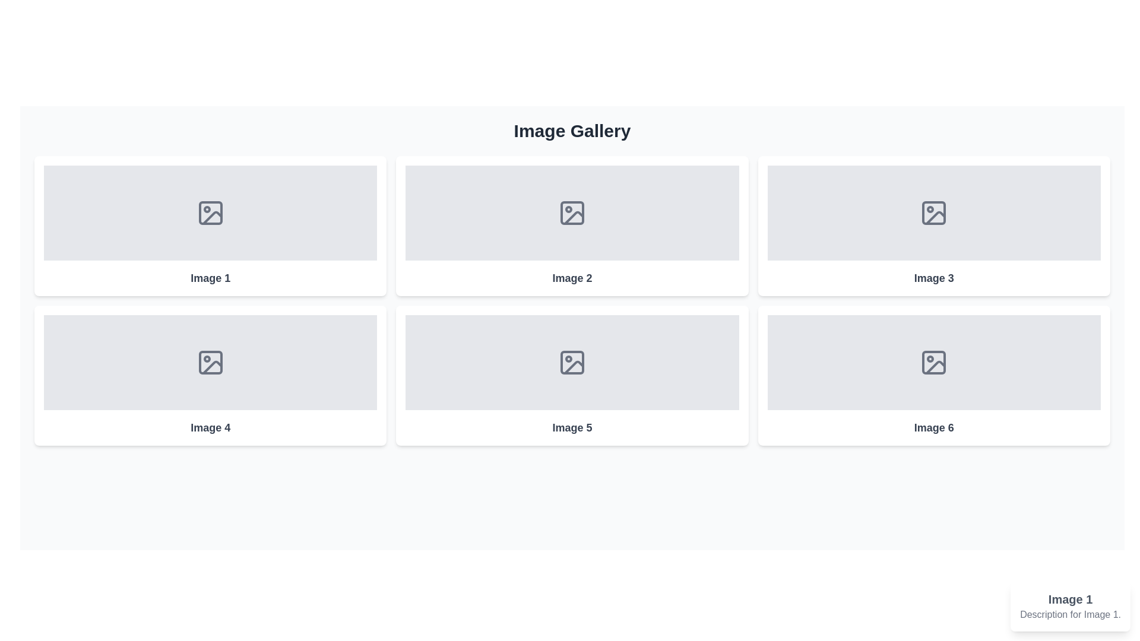 The height and width of the screenshot is (641, 1140). I want to click on informational text label located in the second row, first column of the grid layout, positioned below the image placeholder, so click(210, 428).